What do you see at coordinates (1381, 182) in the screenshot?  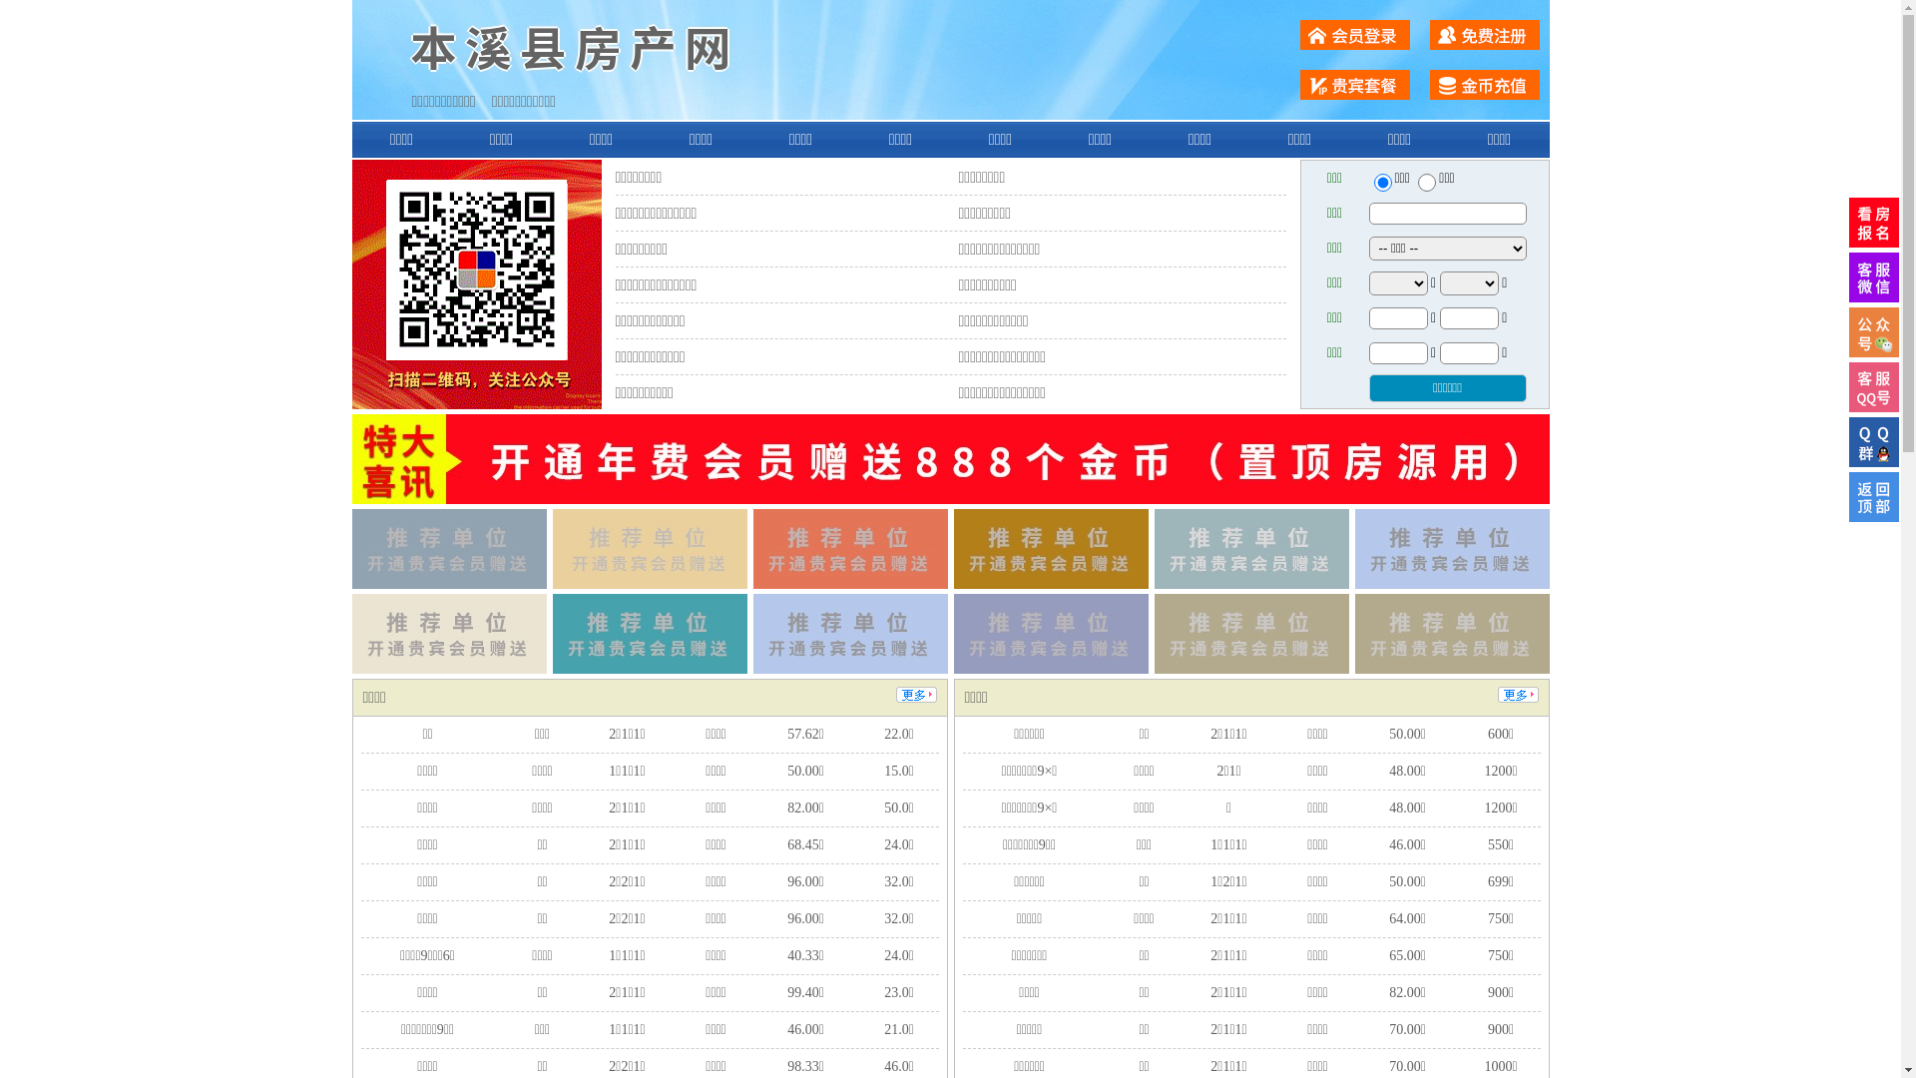 I see `'ershou'` at bounding box center [1381, 182].